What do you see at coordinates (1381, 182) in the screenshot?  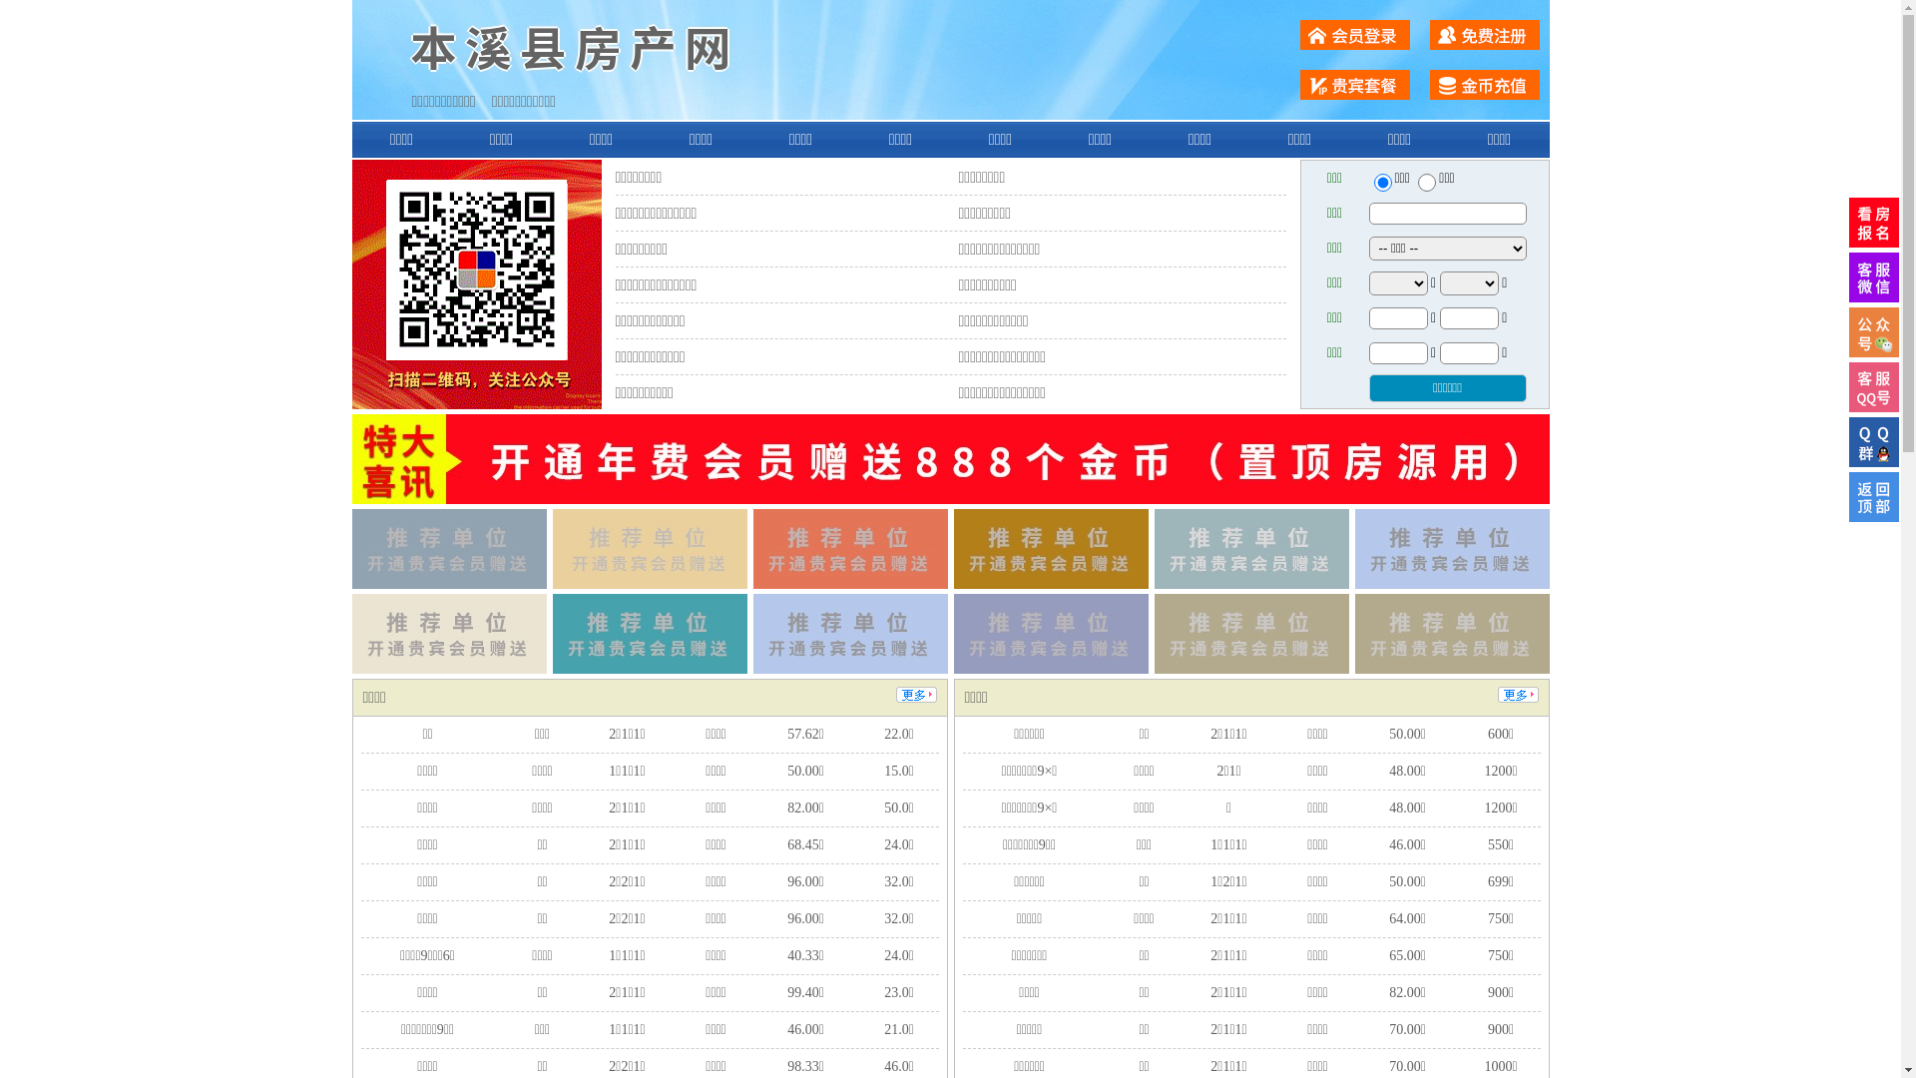 I see `'ershou'` at bounding box center [1381, 182].